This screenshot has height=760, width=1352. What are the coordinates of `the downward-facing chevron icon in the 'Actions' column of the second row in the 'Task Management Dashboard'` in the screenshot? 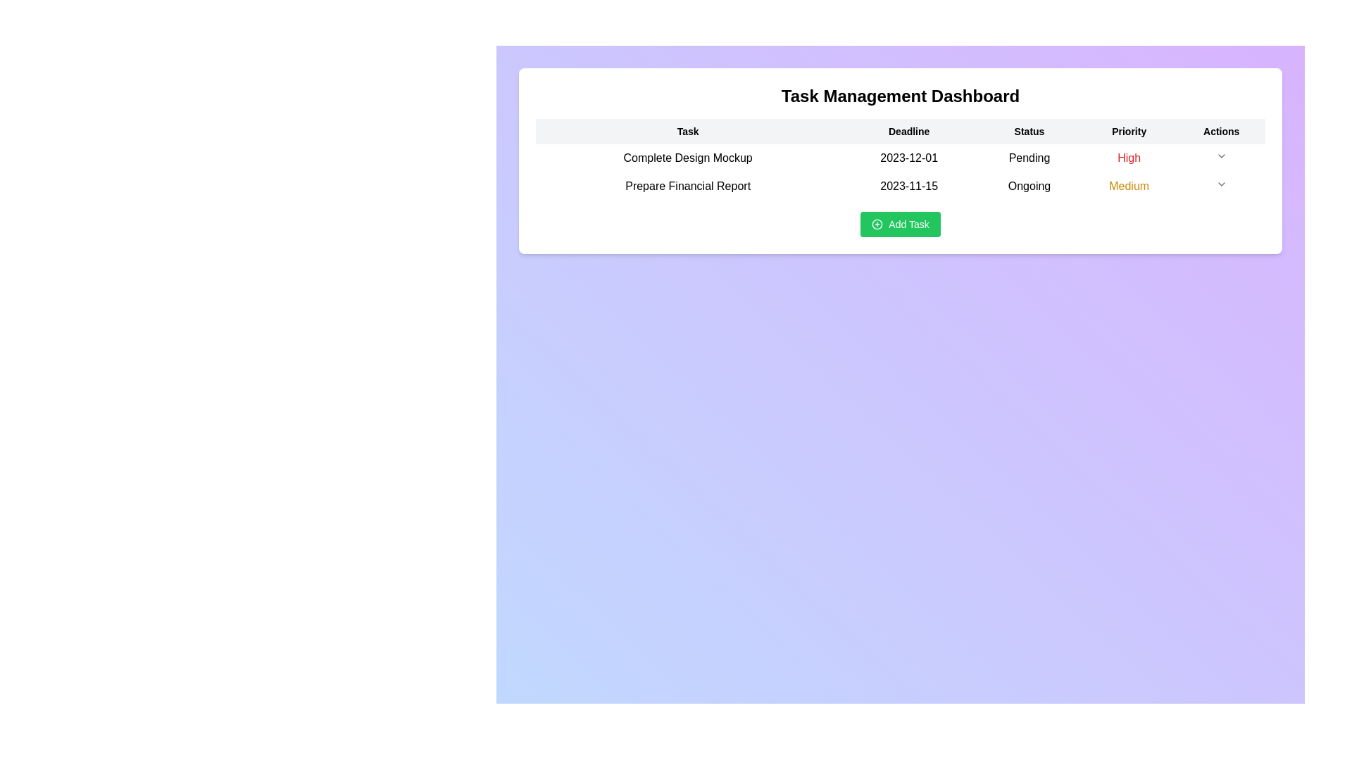 It's located at (1220, 156).